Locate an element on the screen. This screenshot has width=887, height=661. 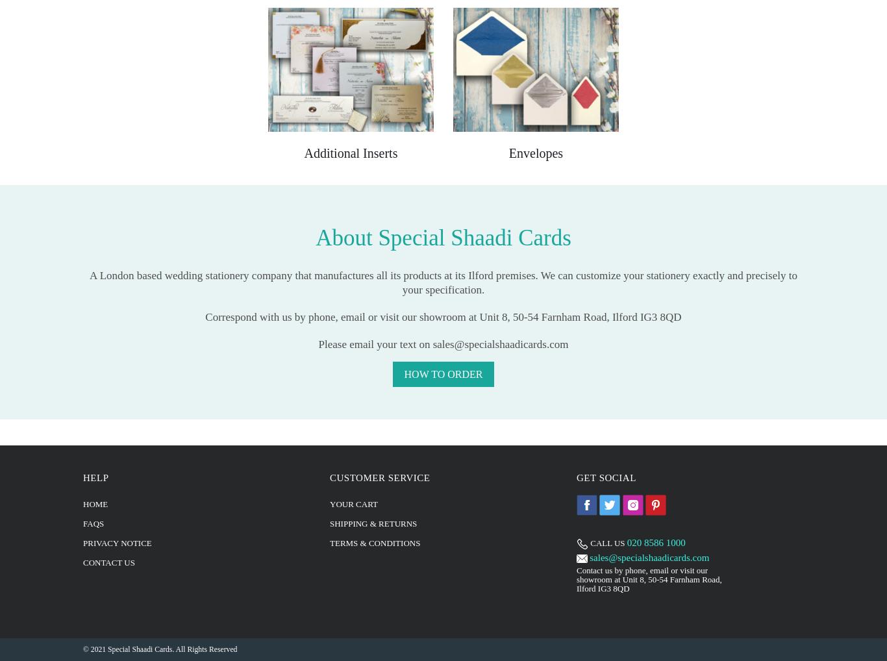
'020 8586 1000' is located at coordinates (656, 541).